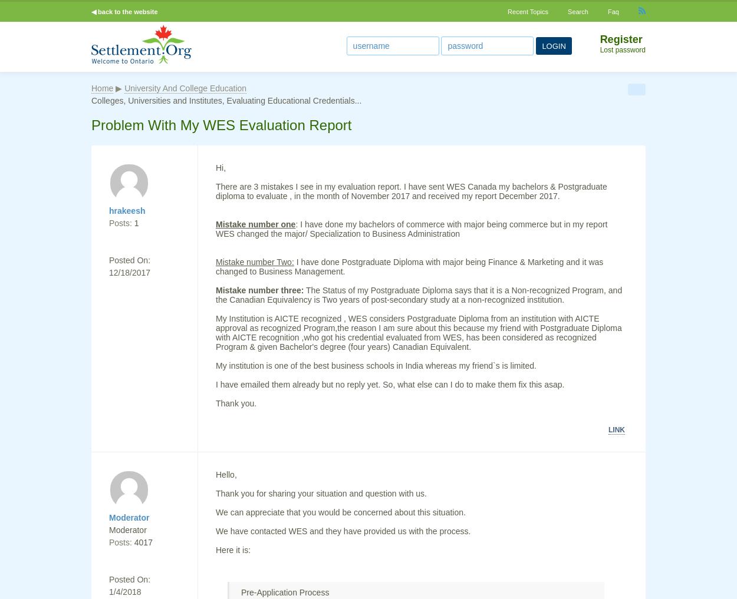 The height and width of the screenshot is (599, 737). What do you see at coordinates (567, 11) in the screenshot?
I see `'Search'` at bounding box center [567, 11].